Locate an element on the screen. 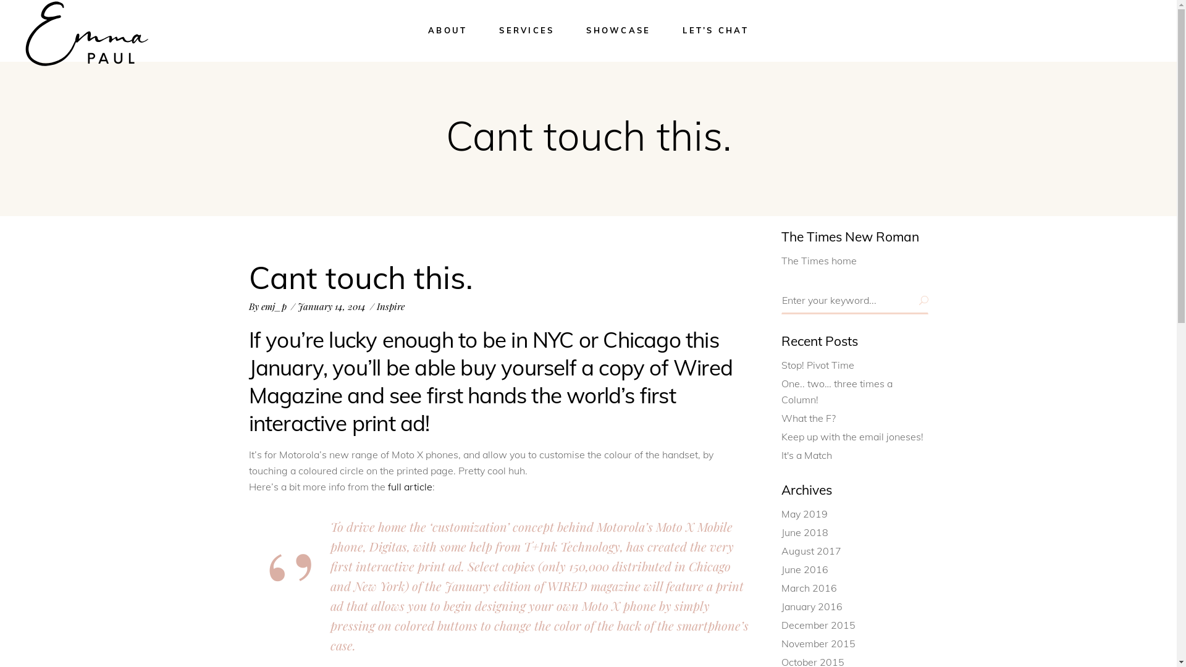  'March 2016' is located at coordinates (809, 587).